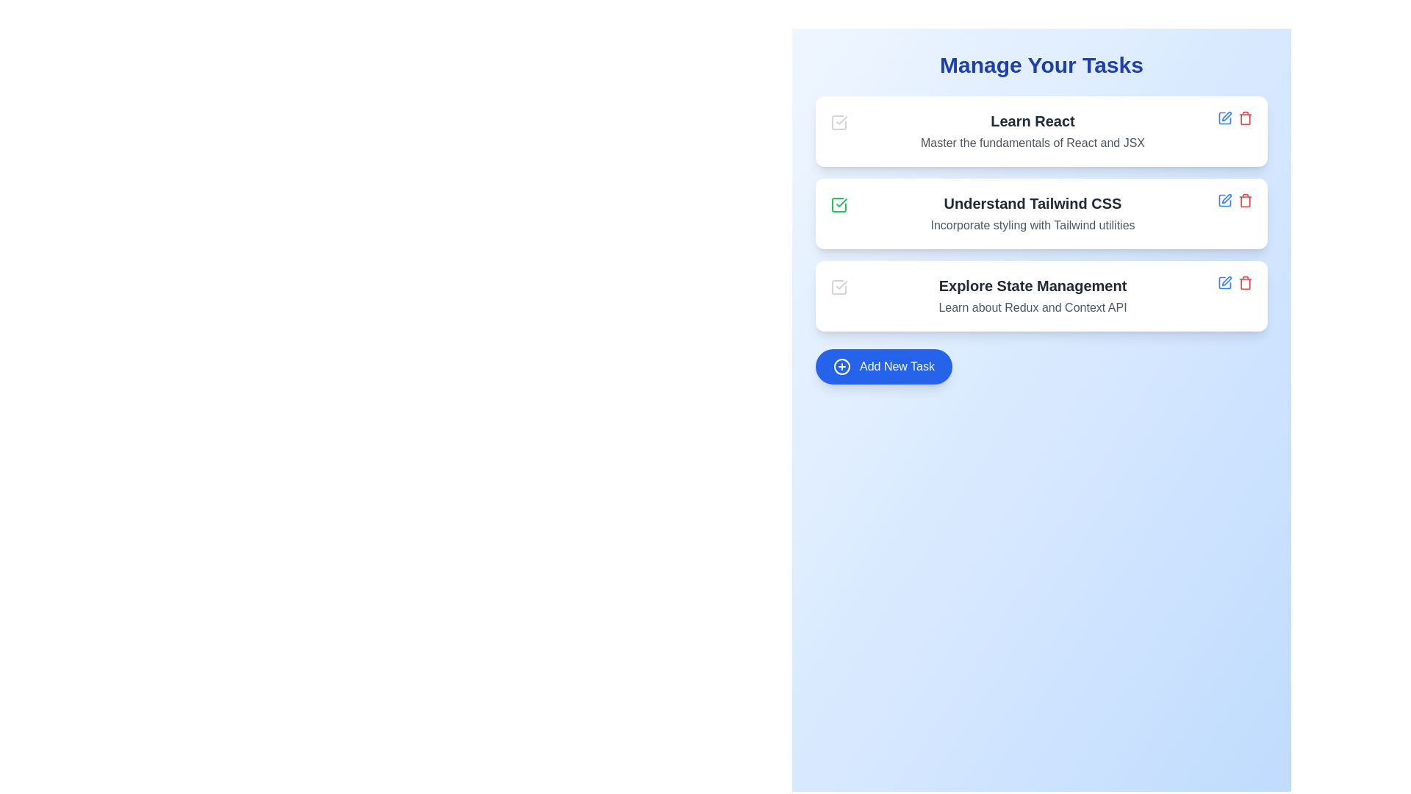 The image size is (1411, 794). I want to click on the circular graphic element with a plus symbol, located to the left of the 'Add New Task' button in the task management interface, so click(842, 365).